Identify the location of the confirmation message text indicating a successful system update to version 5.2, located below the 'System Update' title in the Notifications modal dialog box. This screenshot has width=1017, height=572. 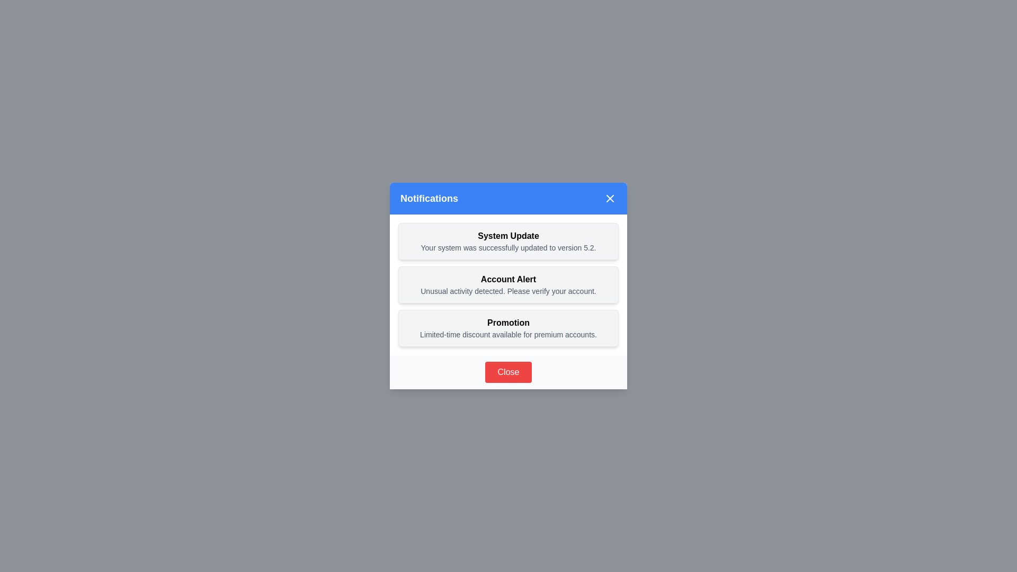
(508, 247).